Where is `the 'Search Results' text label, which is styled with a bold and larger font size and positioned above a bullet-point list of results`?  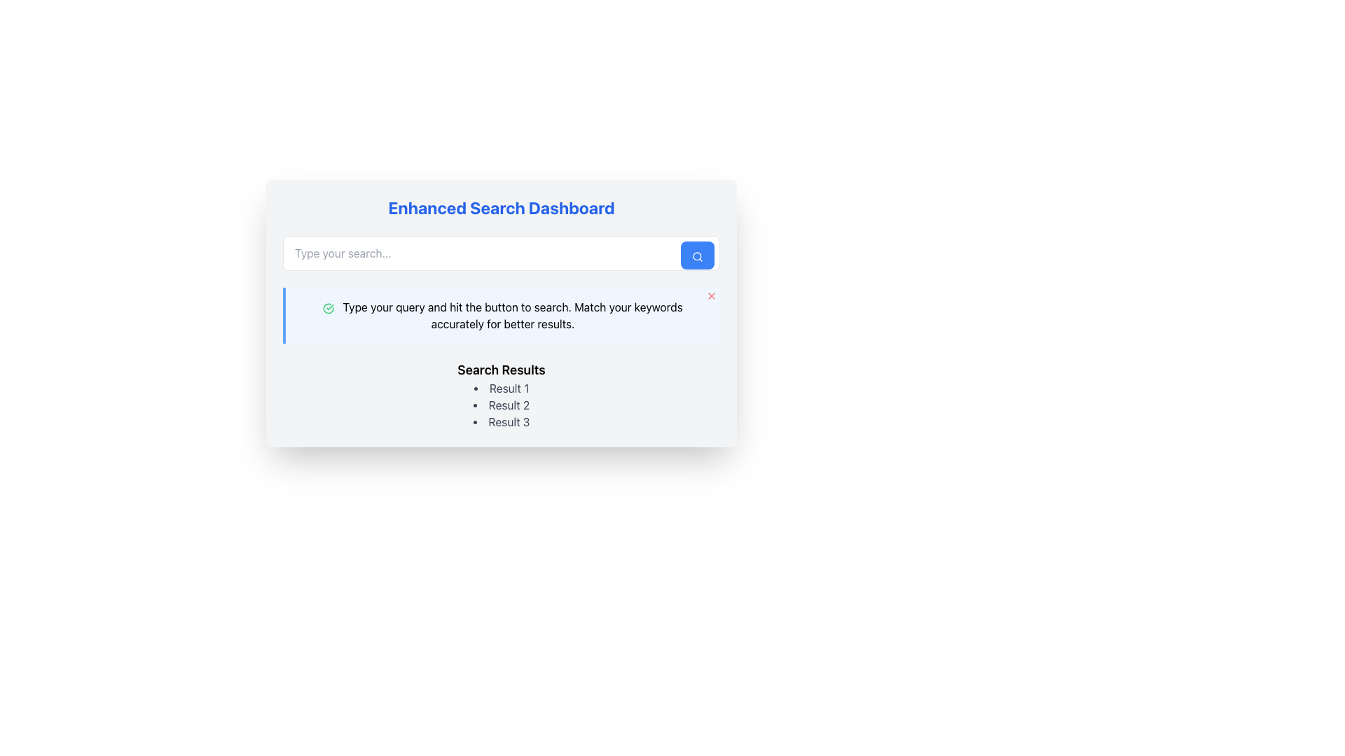
the 'Search Results' text label, which is styled with a bold and larger font size and positioned above a bullet-point list of results is located at coordinates (501, 369).